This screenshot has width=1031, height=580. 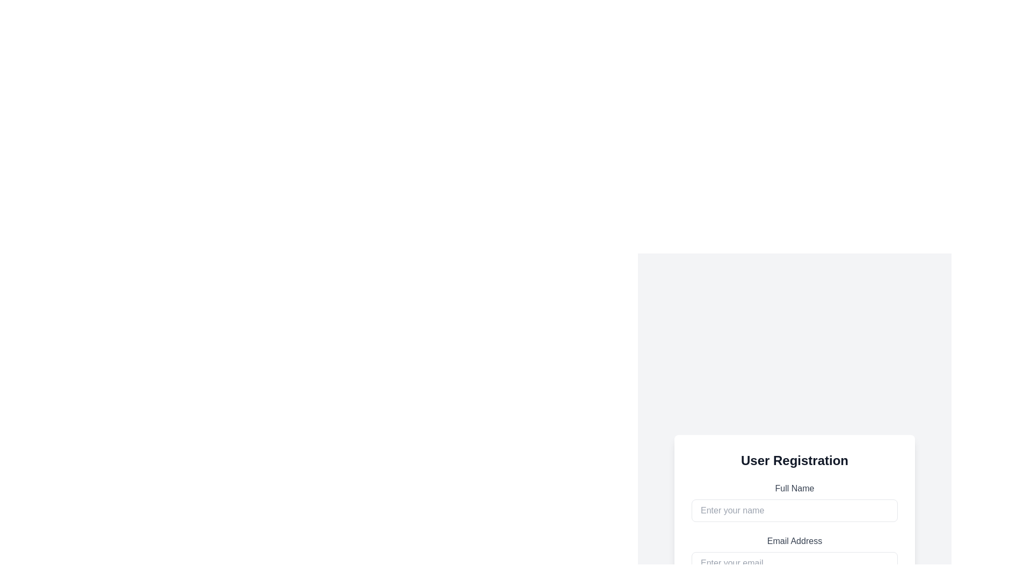 What do you see at coordinates (794, 541) in the screenshot?
I see `the descriptive label for the email input field in the 'User Registration' form, which is located above the email input field and below the 'Full Name' section` at bounding box center [794, 541].